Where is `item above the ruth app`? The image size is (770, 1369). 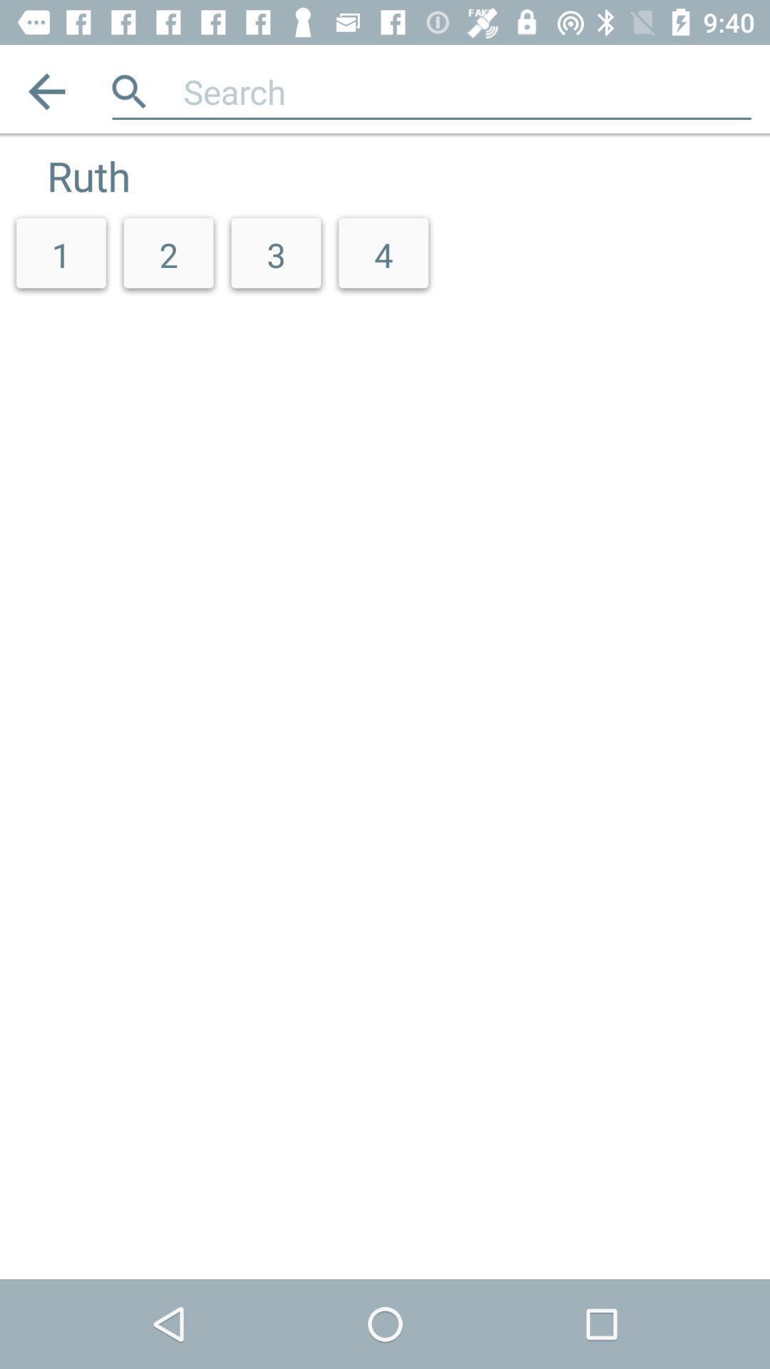
item above the ruth app is located at coordinates (46, 91).